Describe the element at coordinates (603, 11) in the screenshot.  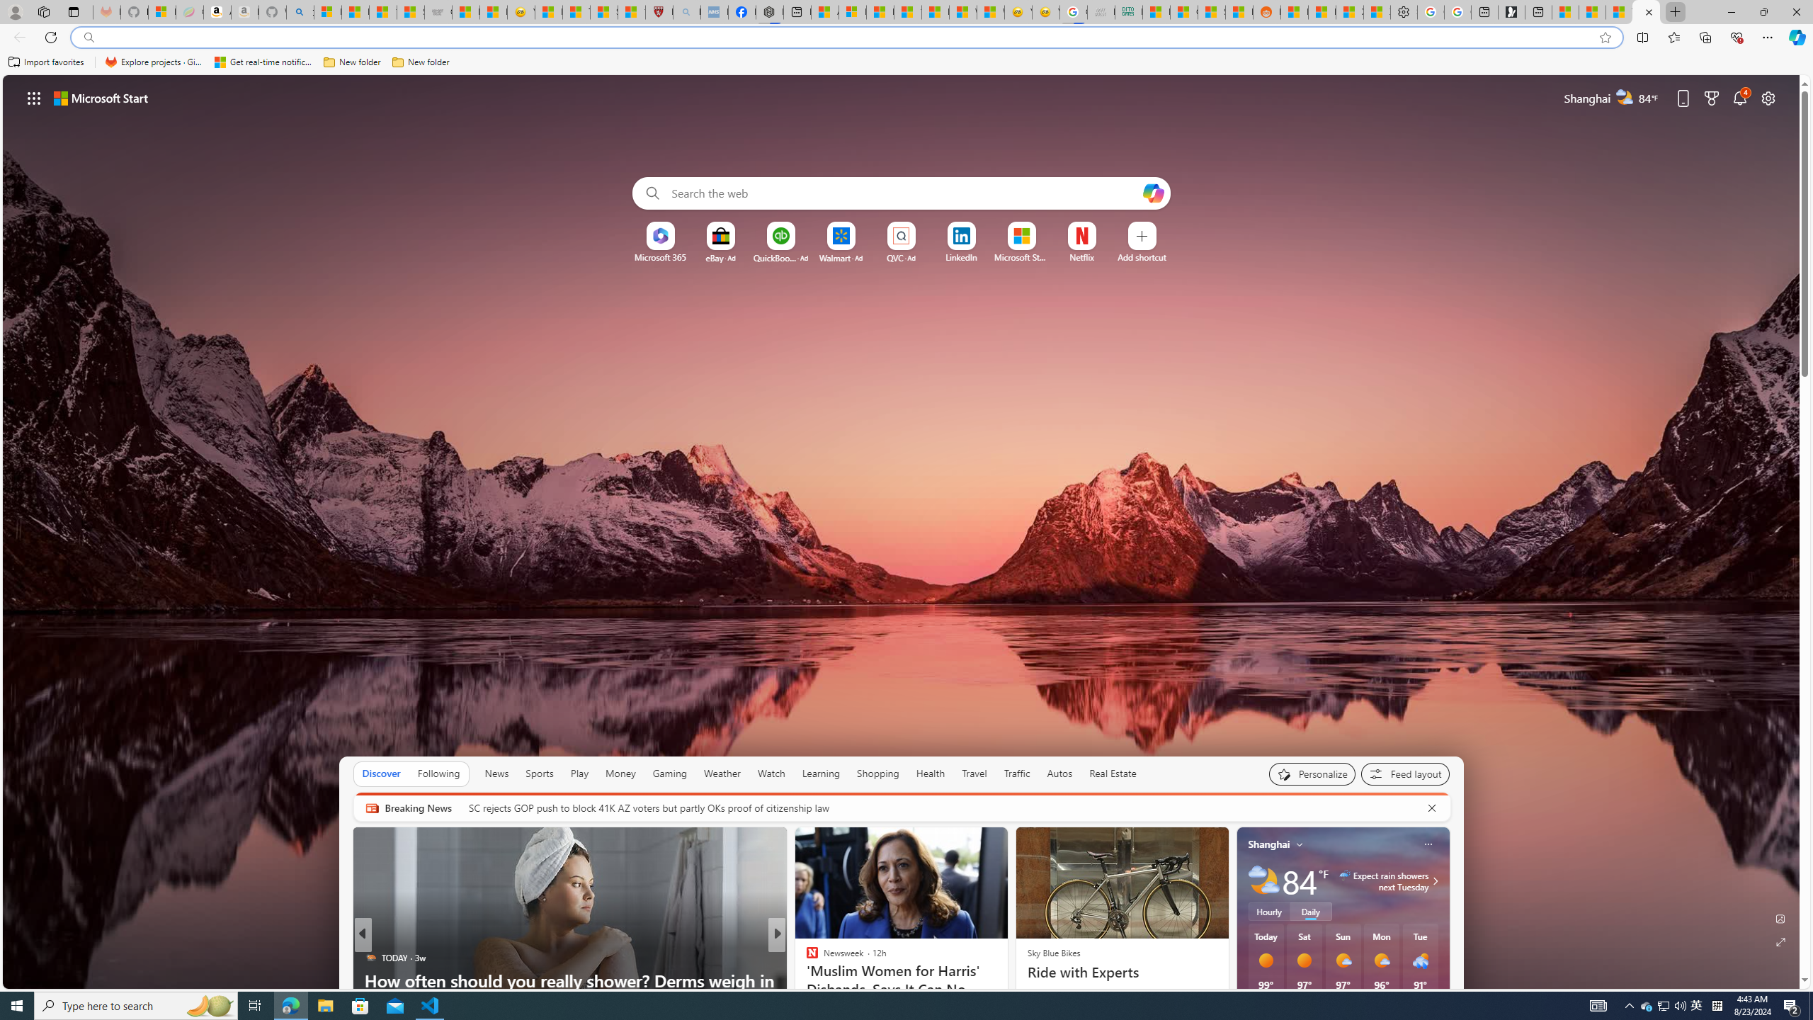
I see `'Science - MSN'` at that location.